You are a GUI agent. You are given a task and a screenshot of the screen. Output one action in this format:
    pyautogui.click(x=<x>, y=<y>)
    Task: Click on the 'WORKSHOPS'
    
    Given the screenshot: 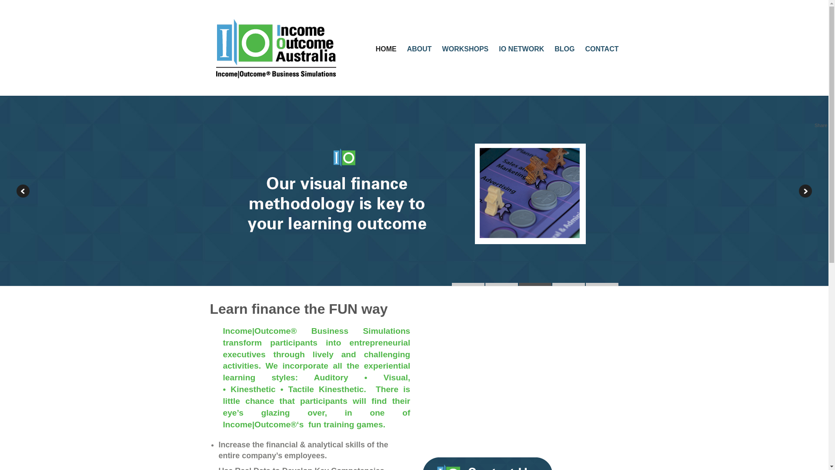 What is the action you would take?
    pyautogui.click(x=465, y=49)
    